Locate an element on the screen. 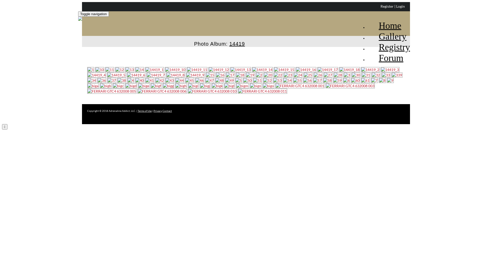  '28 (click to enlarge)' is located at coordinates (338, 75).